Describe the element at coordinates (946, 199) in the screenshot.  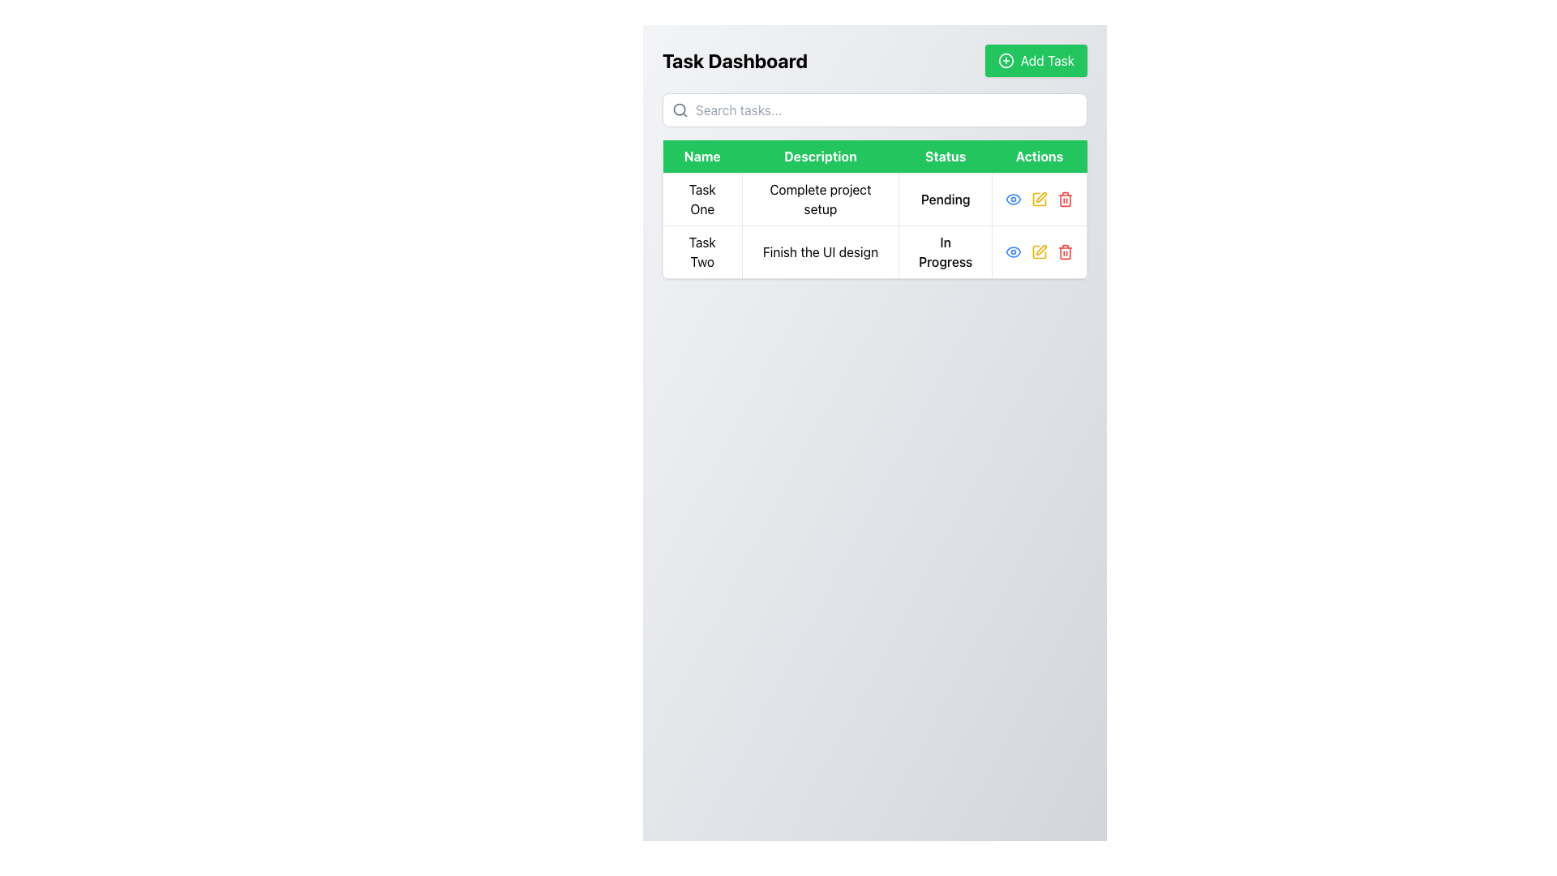
I see `the 'Pending' status text label located in the 'Status' column of the first row in the task dashboard table` at that location.